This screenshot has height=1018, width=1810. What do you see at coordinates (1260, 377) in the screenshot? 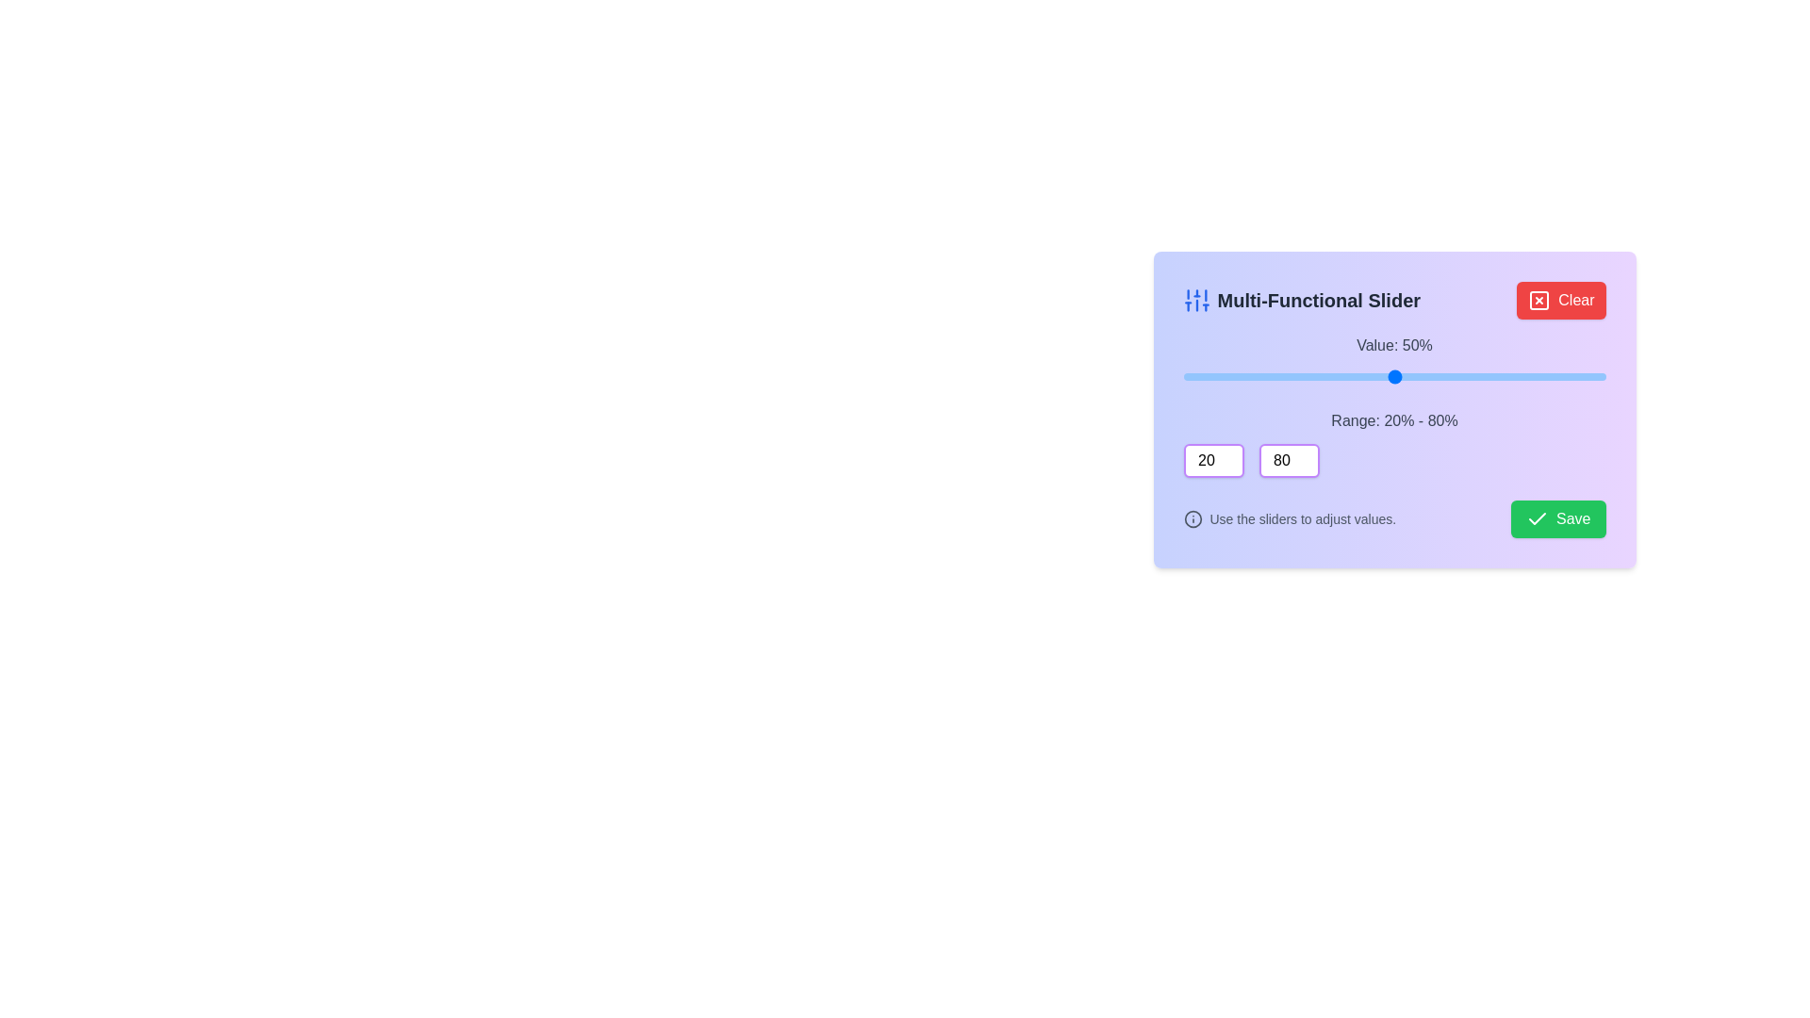
I see `the slider value` at bounding box center [1260, 377].